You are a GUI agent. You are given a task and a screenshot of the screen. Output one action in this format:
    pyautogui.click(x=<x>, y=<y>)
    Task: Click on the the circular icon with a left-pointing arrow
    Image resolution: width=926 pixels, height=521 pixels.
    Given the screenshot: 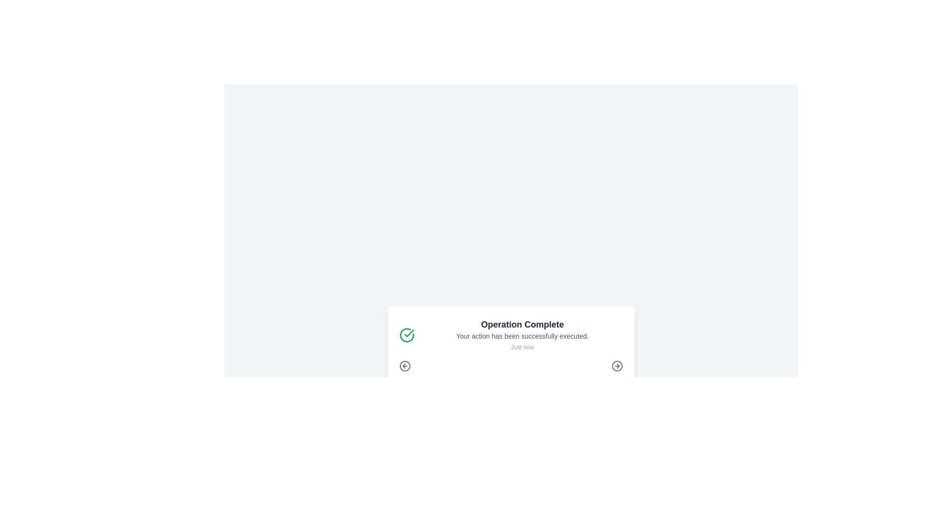 What is the action you would take?
    pyautogui.click(x=405, y=366)
    